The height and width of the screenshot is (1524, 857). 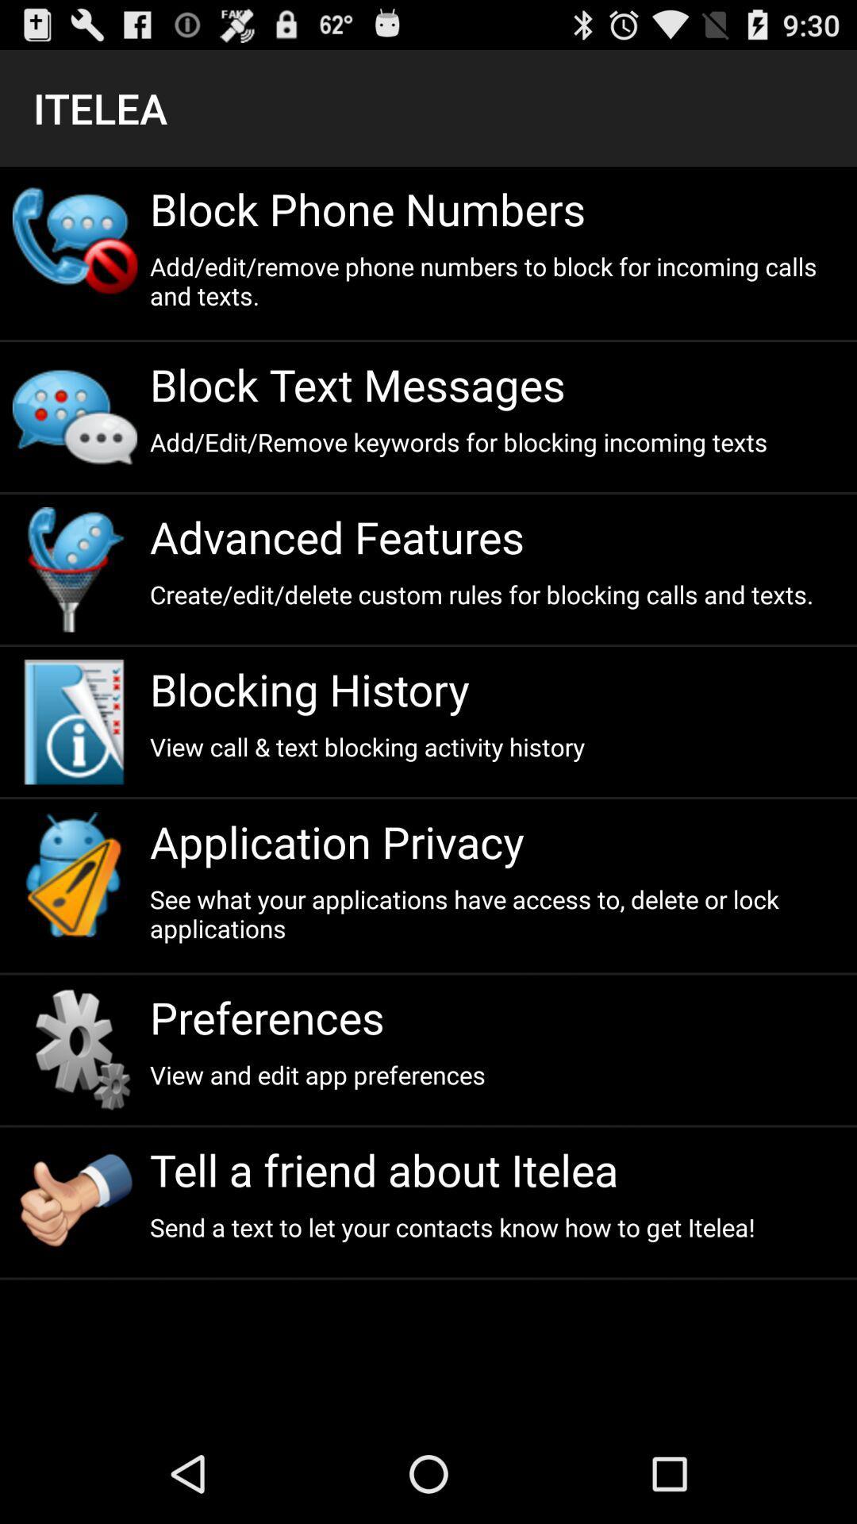 I want to click on the tell a friend item, so click(x=496, y=1169).